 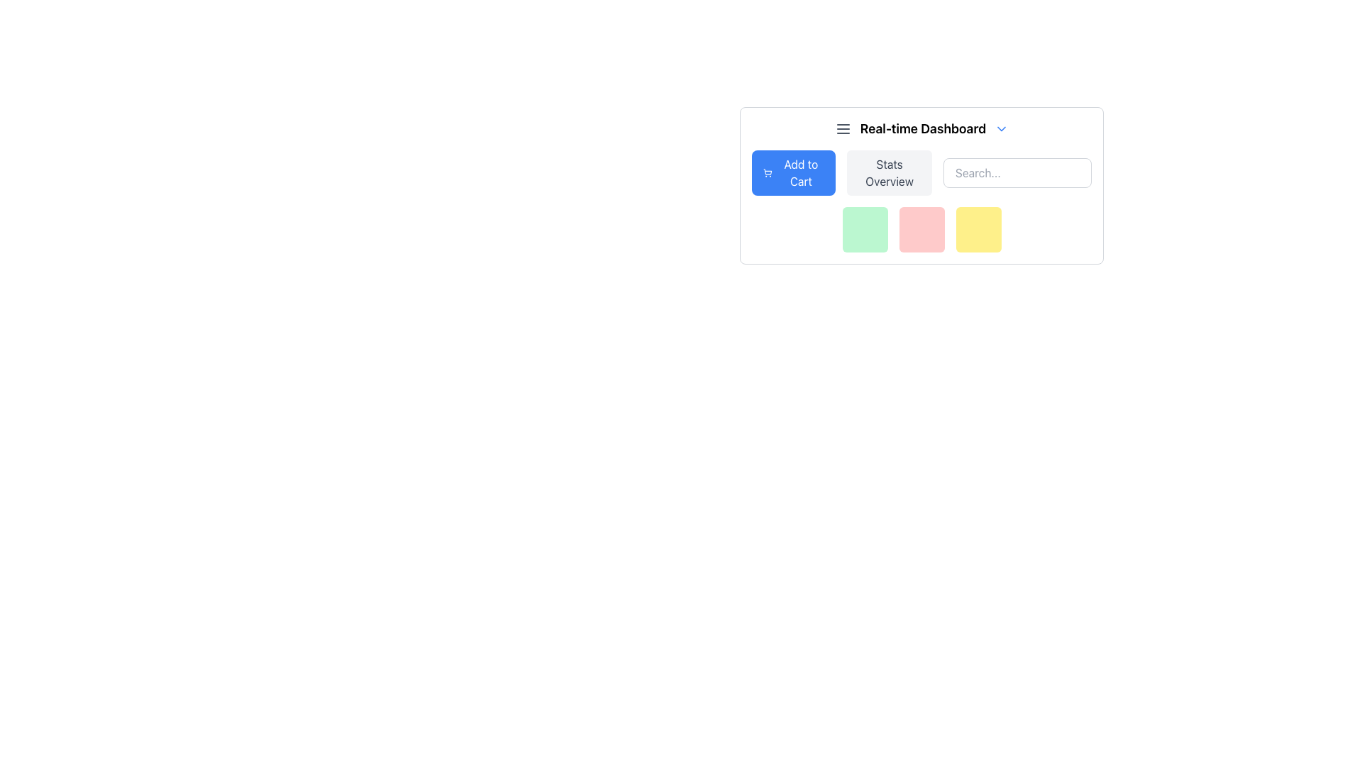 I want to click on the Decorative Box, which is the middle square-shaped box with a red background, located below the 'Add to Cart' and 'Stats Overview' buttons in the 'Real-time Dashboard' section, so click(x=921, y=229).